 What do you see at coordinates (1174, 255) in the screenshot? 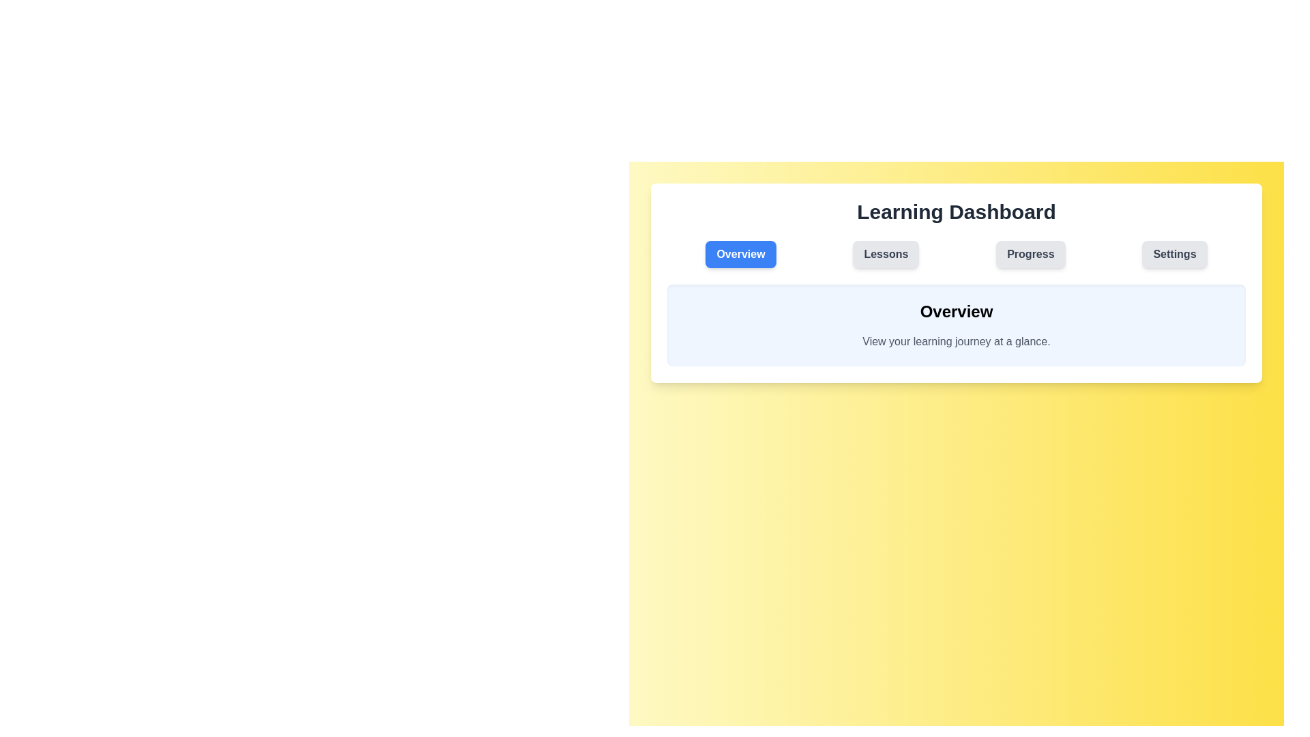
I see `the tab labeled Settings to observe its interactive effect` at bounding box center [1174, 255].